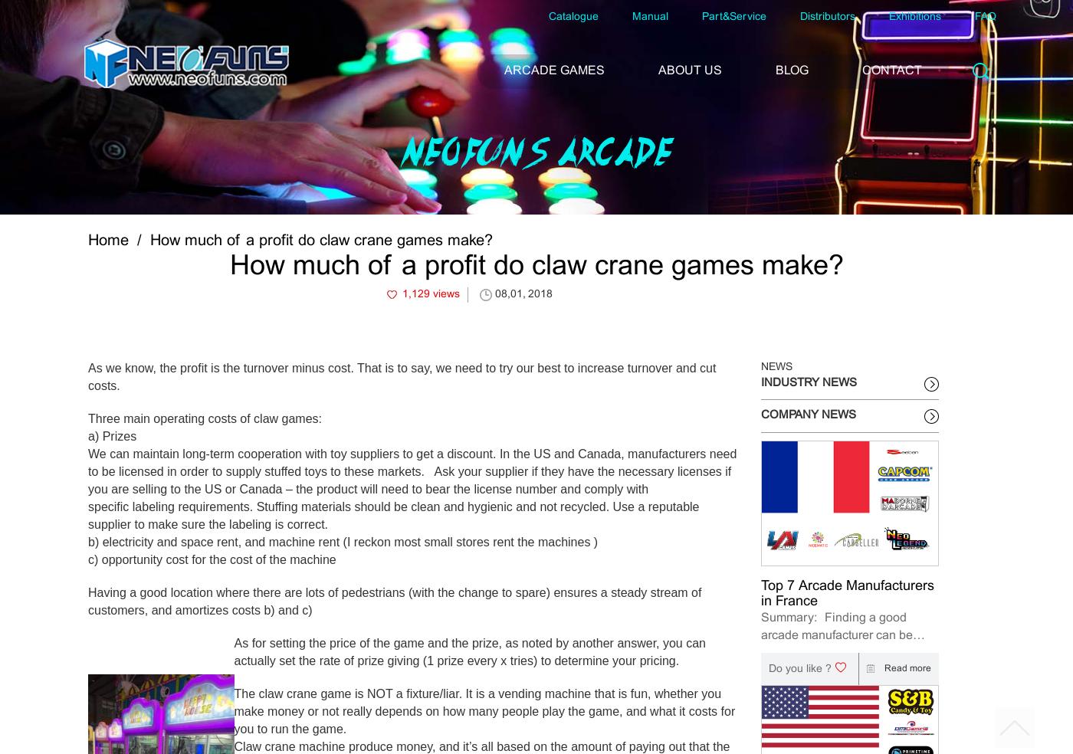 This screenshot has height=754, width=1073. Describe the element at coordinates (808, 381) in the screenshot. I see `'INDUSTRY NEWS'` at that location.